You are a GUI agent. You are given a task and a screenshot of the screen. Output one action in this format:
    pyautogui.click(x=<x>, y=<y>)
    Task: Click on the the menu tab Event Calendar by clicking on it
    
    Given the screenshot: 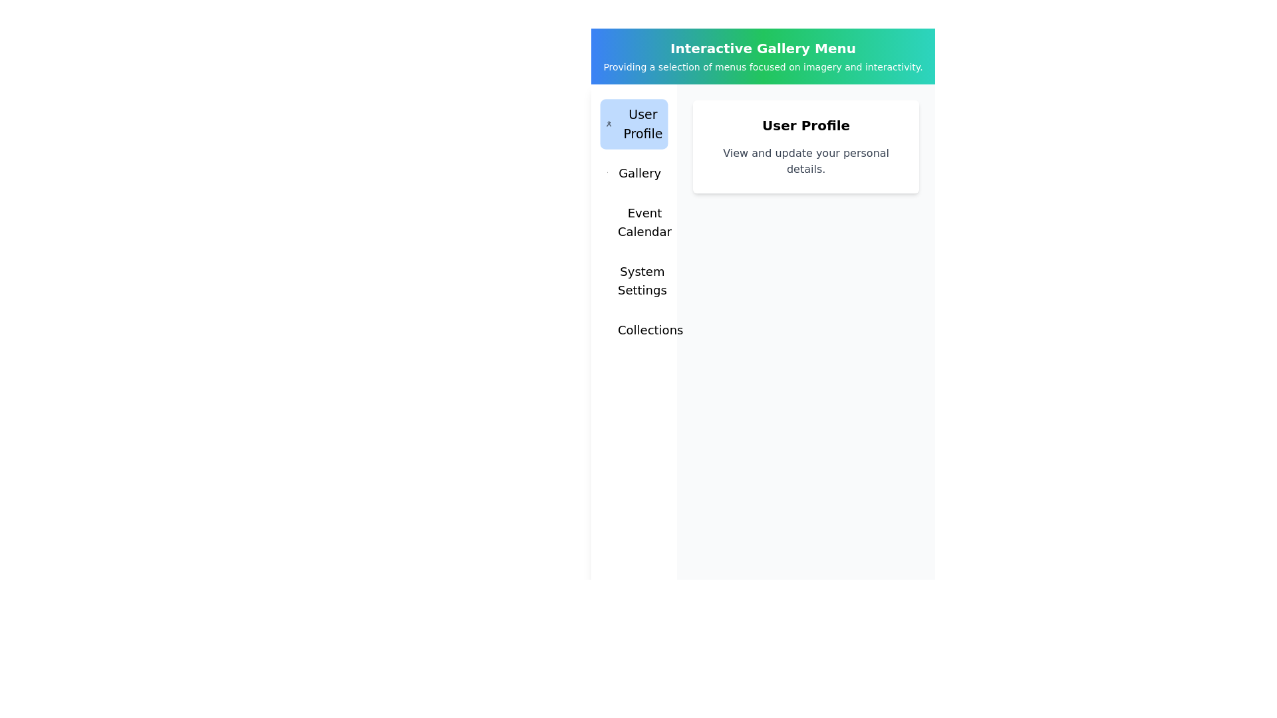 What is the action you would take?
    pyautogui.click(x=633, y=222)
    